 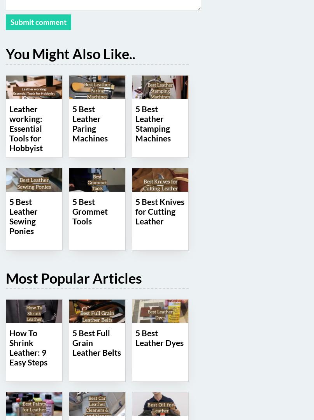 I want to click on '5 Best Knives for Cutting Leather', so click(x=160, y=210).